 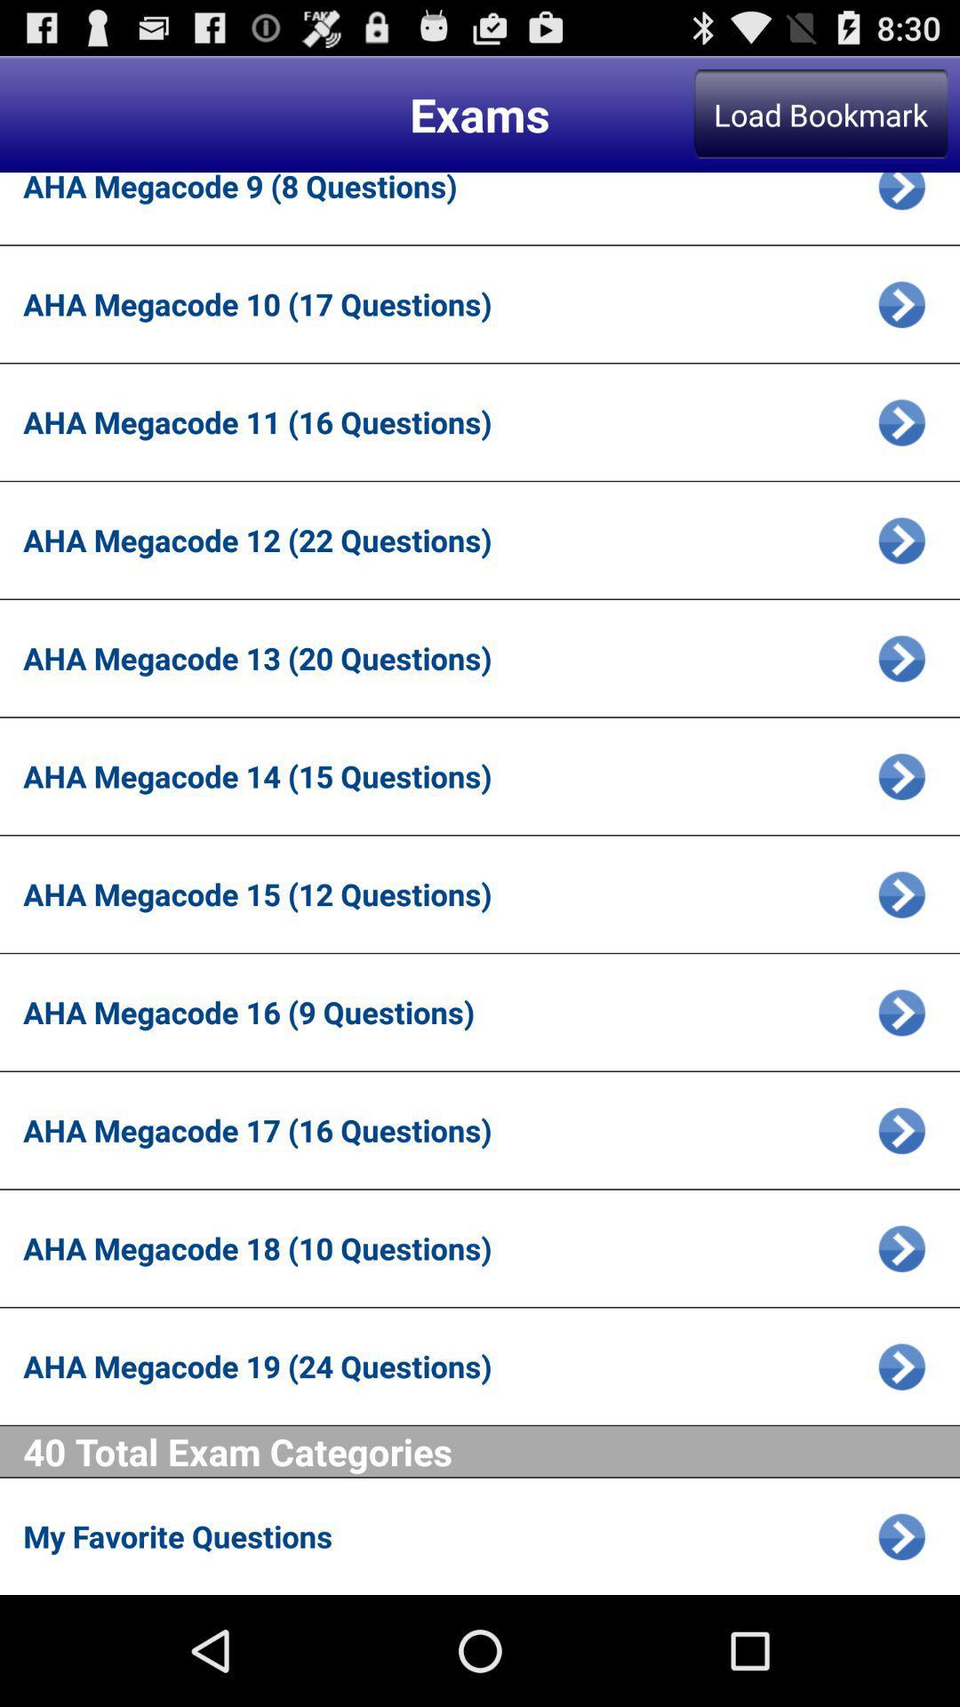 What do you see at coordinates (901, 196) in the screenshot?
I see `the blue icon in the first line` at bounding box center [901, 196].